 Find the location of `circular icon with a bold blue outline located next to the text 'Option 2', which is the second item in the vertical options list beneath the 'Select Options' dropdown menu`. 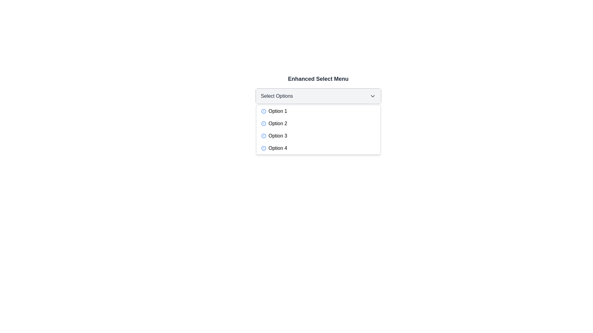

circular icon with a bold blue outline located next to the text 'Option 2', which is the second item in the vertical options list beneath the 'Select Options' dropdown menu is located at coordinates (263, 124).